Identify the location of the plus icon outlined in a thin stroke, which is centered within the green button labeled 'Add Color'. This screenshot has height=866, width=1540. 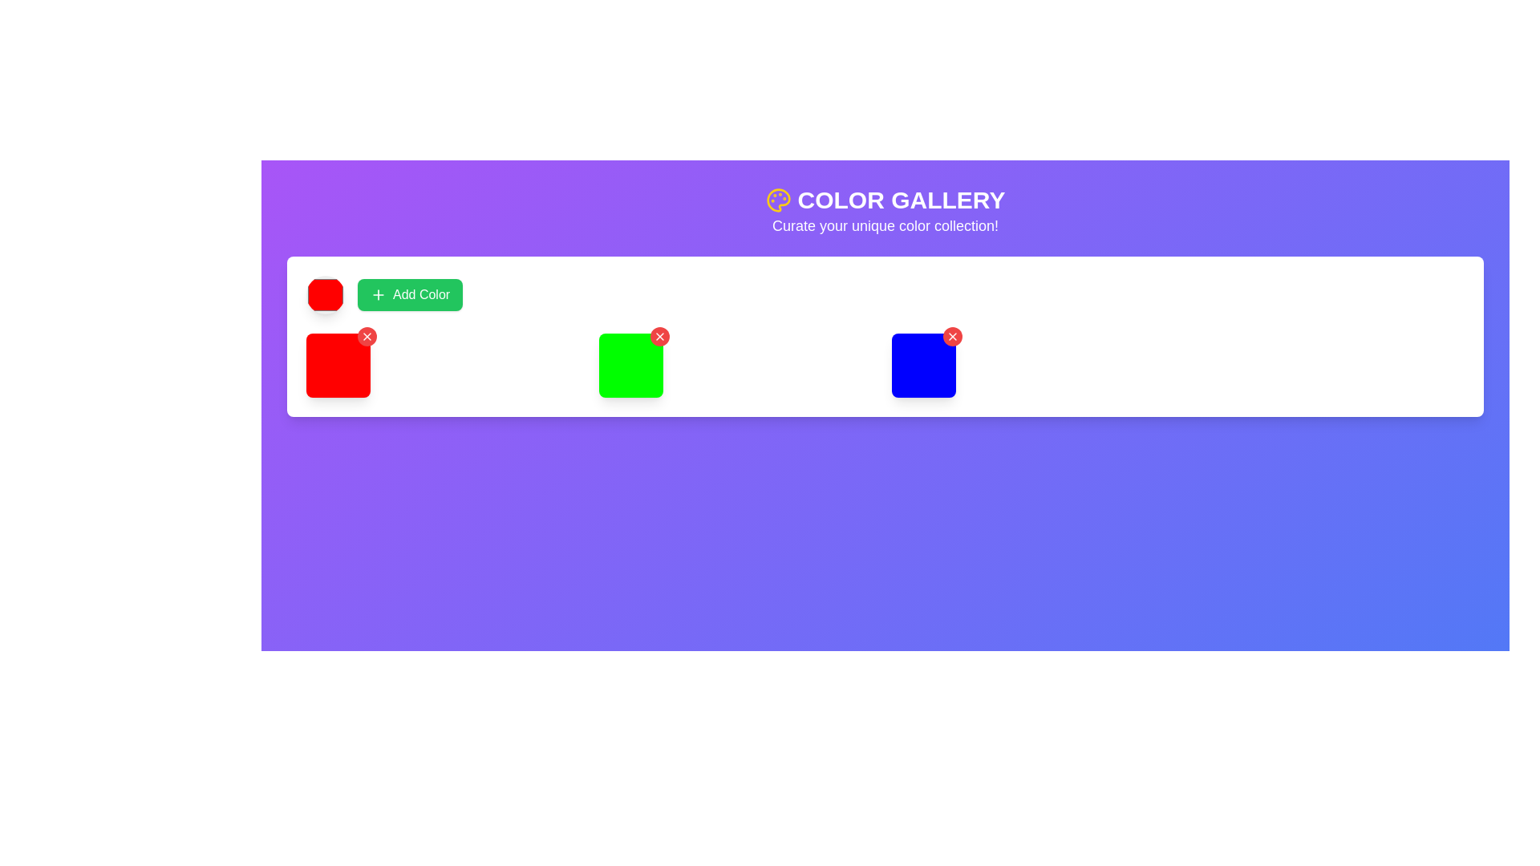
(377, 294).